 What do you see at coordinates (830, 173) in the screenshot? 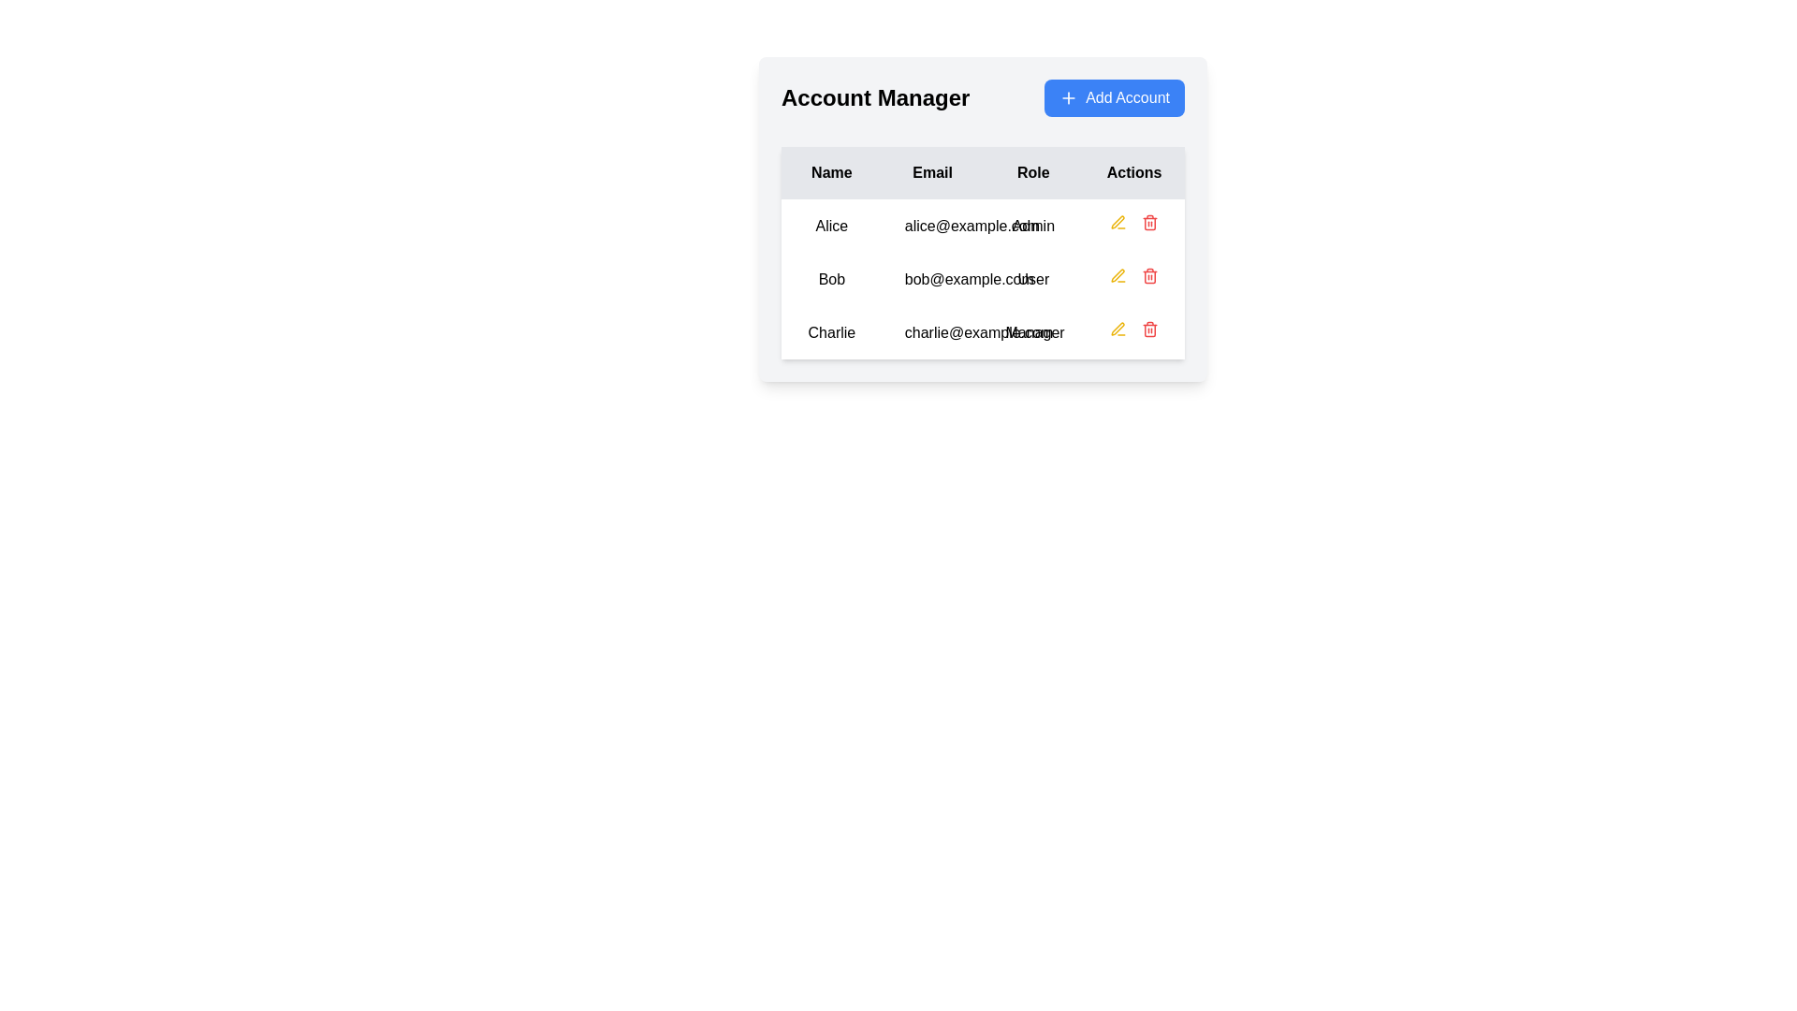
I see `the 'Name' header label in the table, which is the first item in the header row, located below the 'Account Manager' title and above the '+ Add Account' button` at bounding box center [830, 173].